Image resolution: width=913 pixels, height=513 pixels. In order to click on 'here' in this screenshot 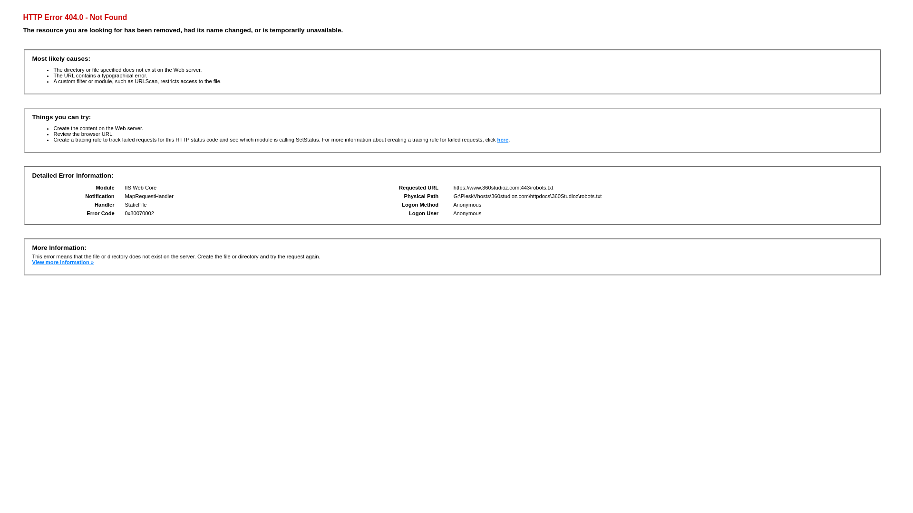, I will do `click(502, 139)`.